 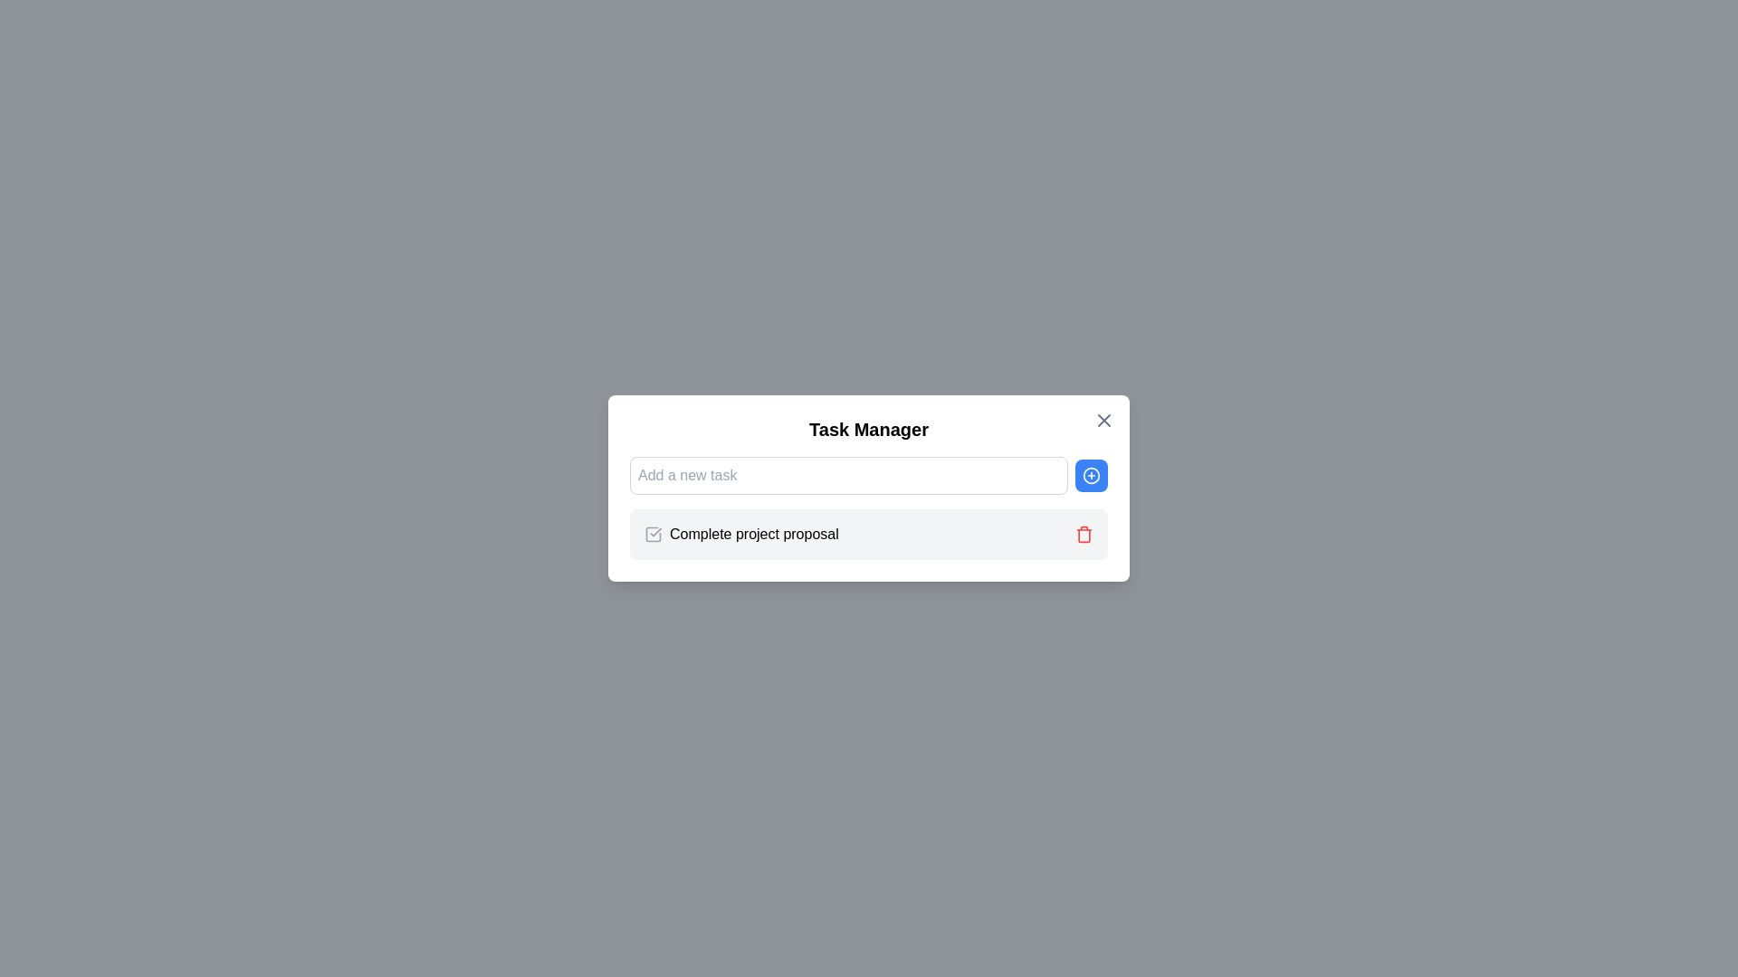 What do you see at coordinates (1103, 421) in the screenshot?
I see `the close button in the top-right corner of the 'Task Manager' modal` at bounding box center [1103, 421].